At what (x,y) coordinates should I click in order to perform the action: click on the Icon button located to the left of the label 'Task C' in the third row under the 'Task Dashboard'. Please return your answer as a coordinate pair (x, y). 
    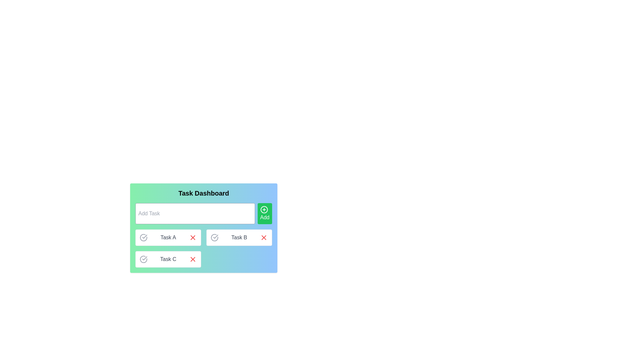
    Looking at the image, I should click on (143, 259).